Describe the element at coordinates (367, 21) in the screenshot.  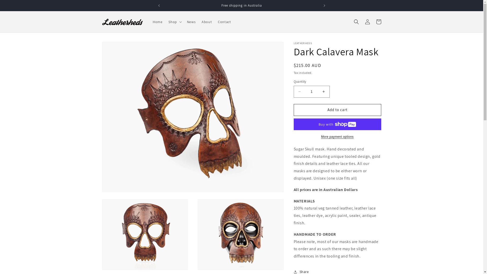
I see `'Log in'` at that location.